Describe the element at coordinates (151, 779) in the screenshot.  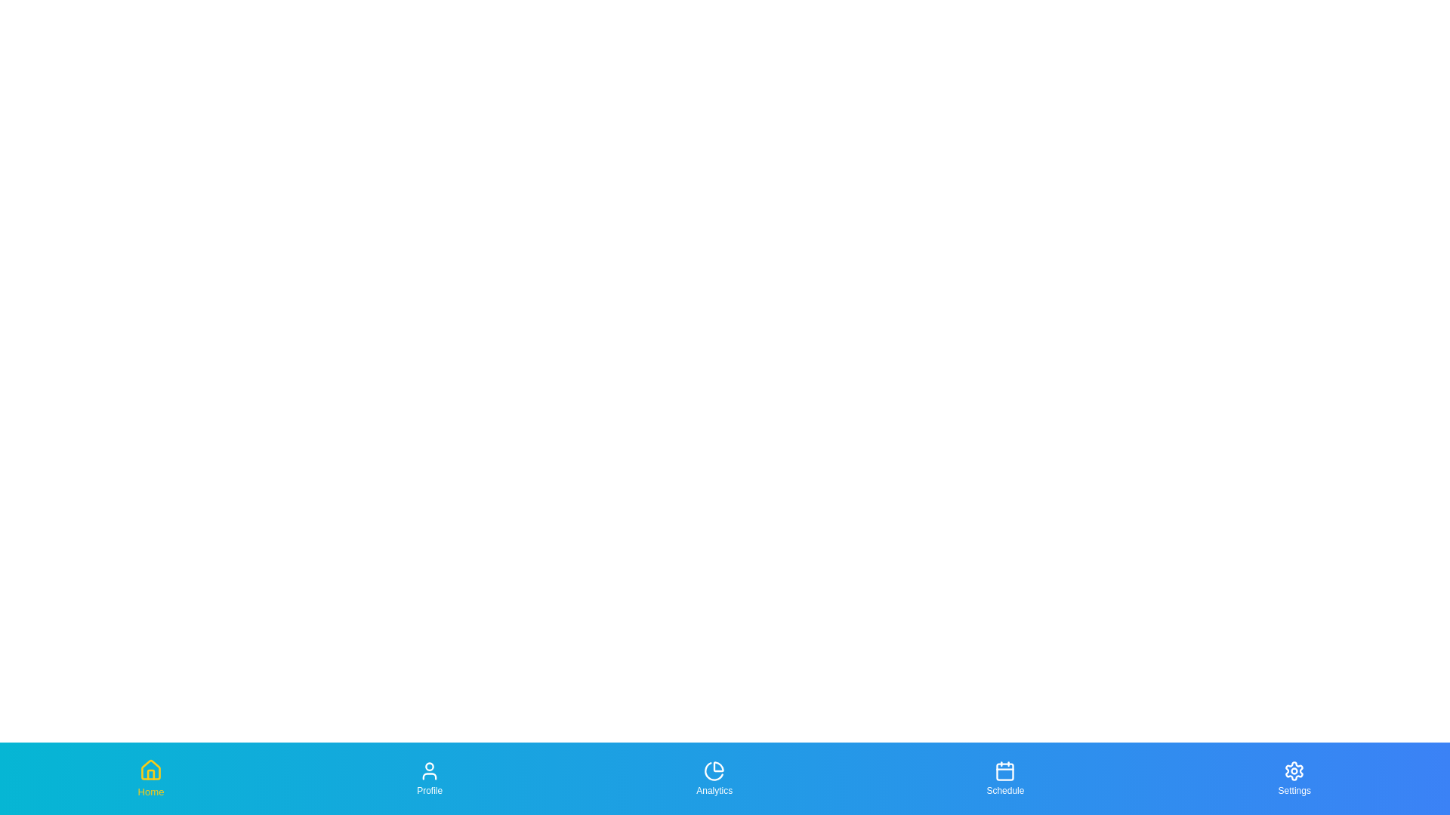
I see `the Home tab to highlight it` at that location.